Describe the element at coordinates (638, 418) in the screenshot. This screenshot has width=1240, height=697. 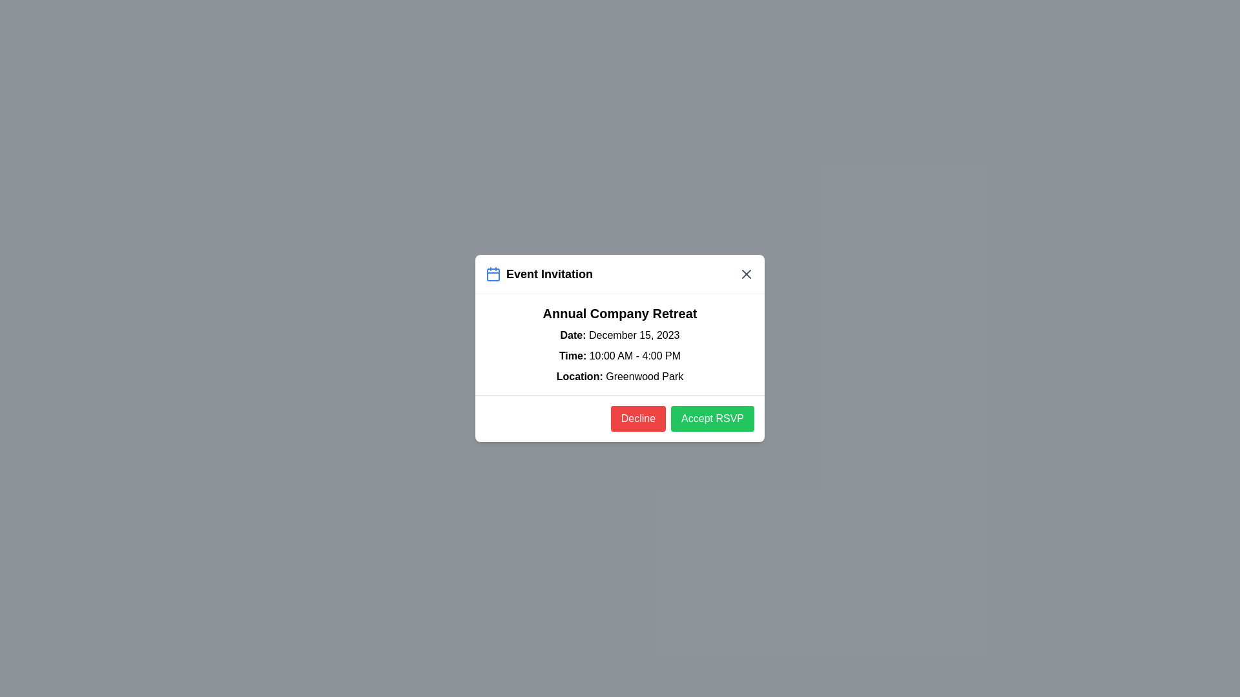
I see `the 'Decline' button located at the bottom left of the dialog box to reject the invitation` at that location.